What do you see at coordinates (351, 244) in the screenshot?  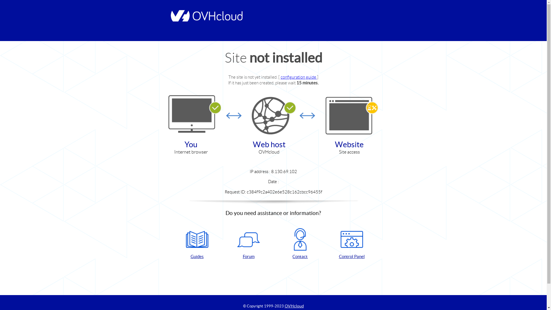 I see `'Control Panel'` at bounding box center [351, 244].